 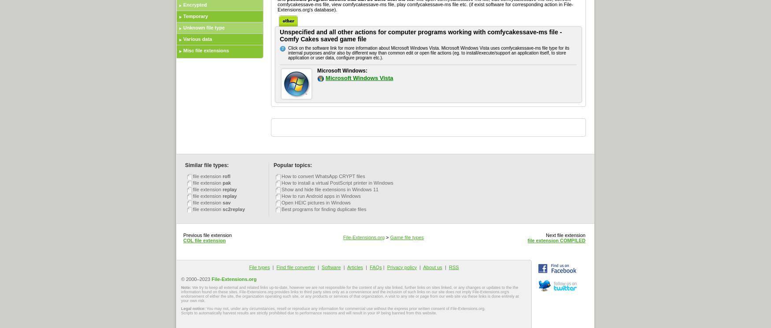 I want to click on 'Software', so click(x=321, y=267).